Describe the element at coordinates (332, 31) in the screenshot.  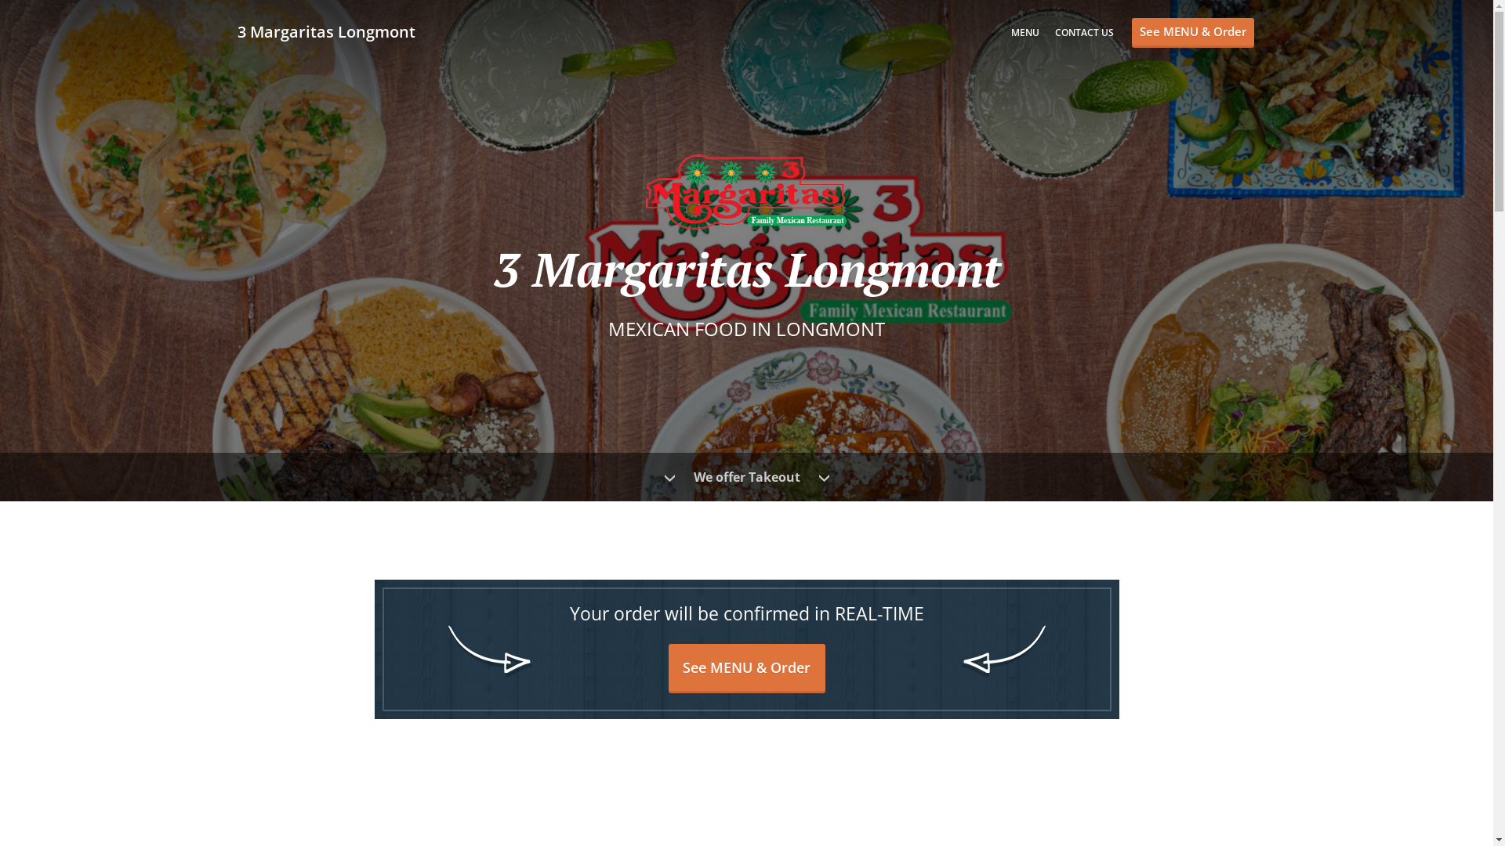
I see `'3 Margaritas Longmont'` at that location.